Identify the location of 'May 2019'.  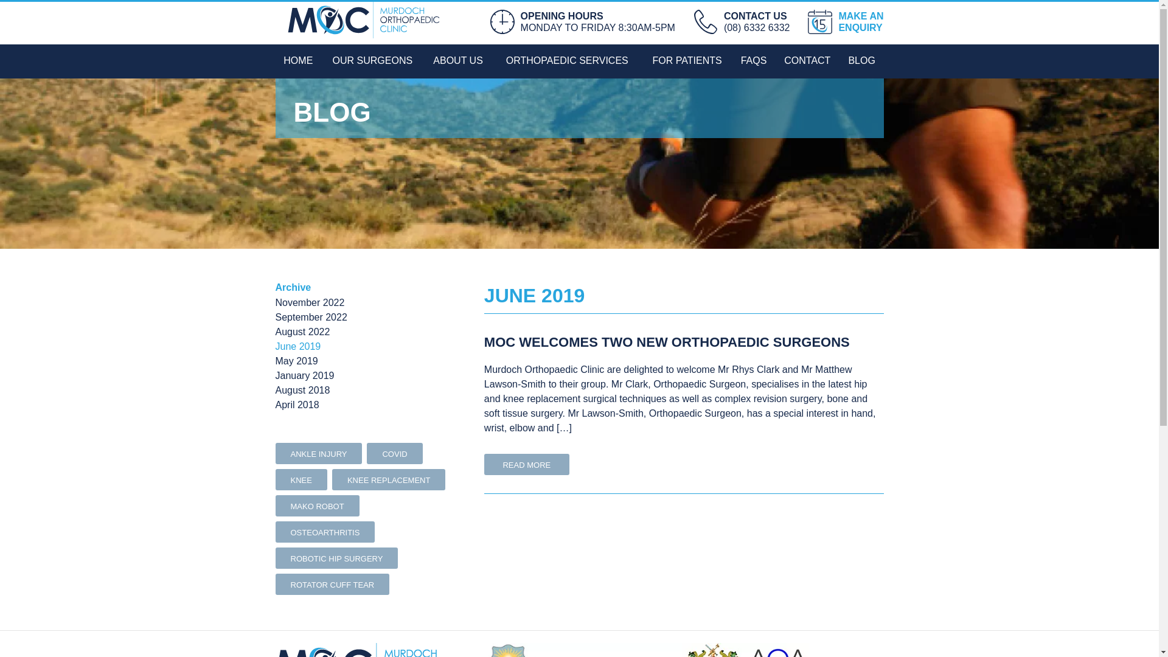
(296, 360).